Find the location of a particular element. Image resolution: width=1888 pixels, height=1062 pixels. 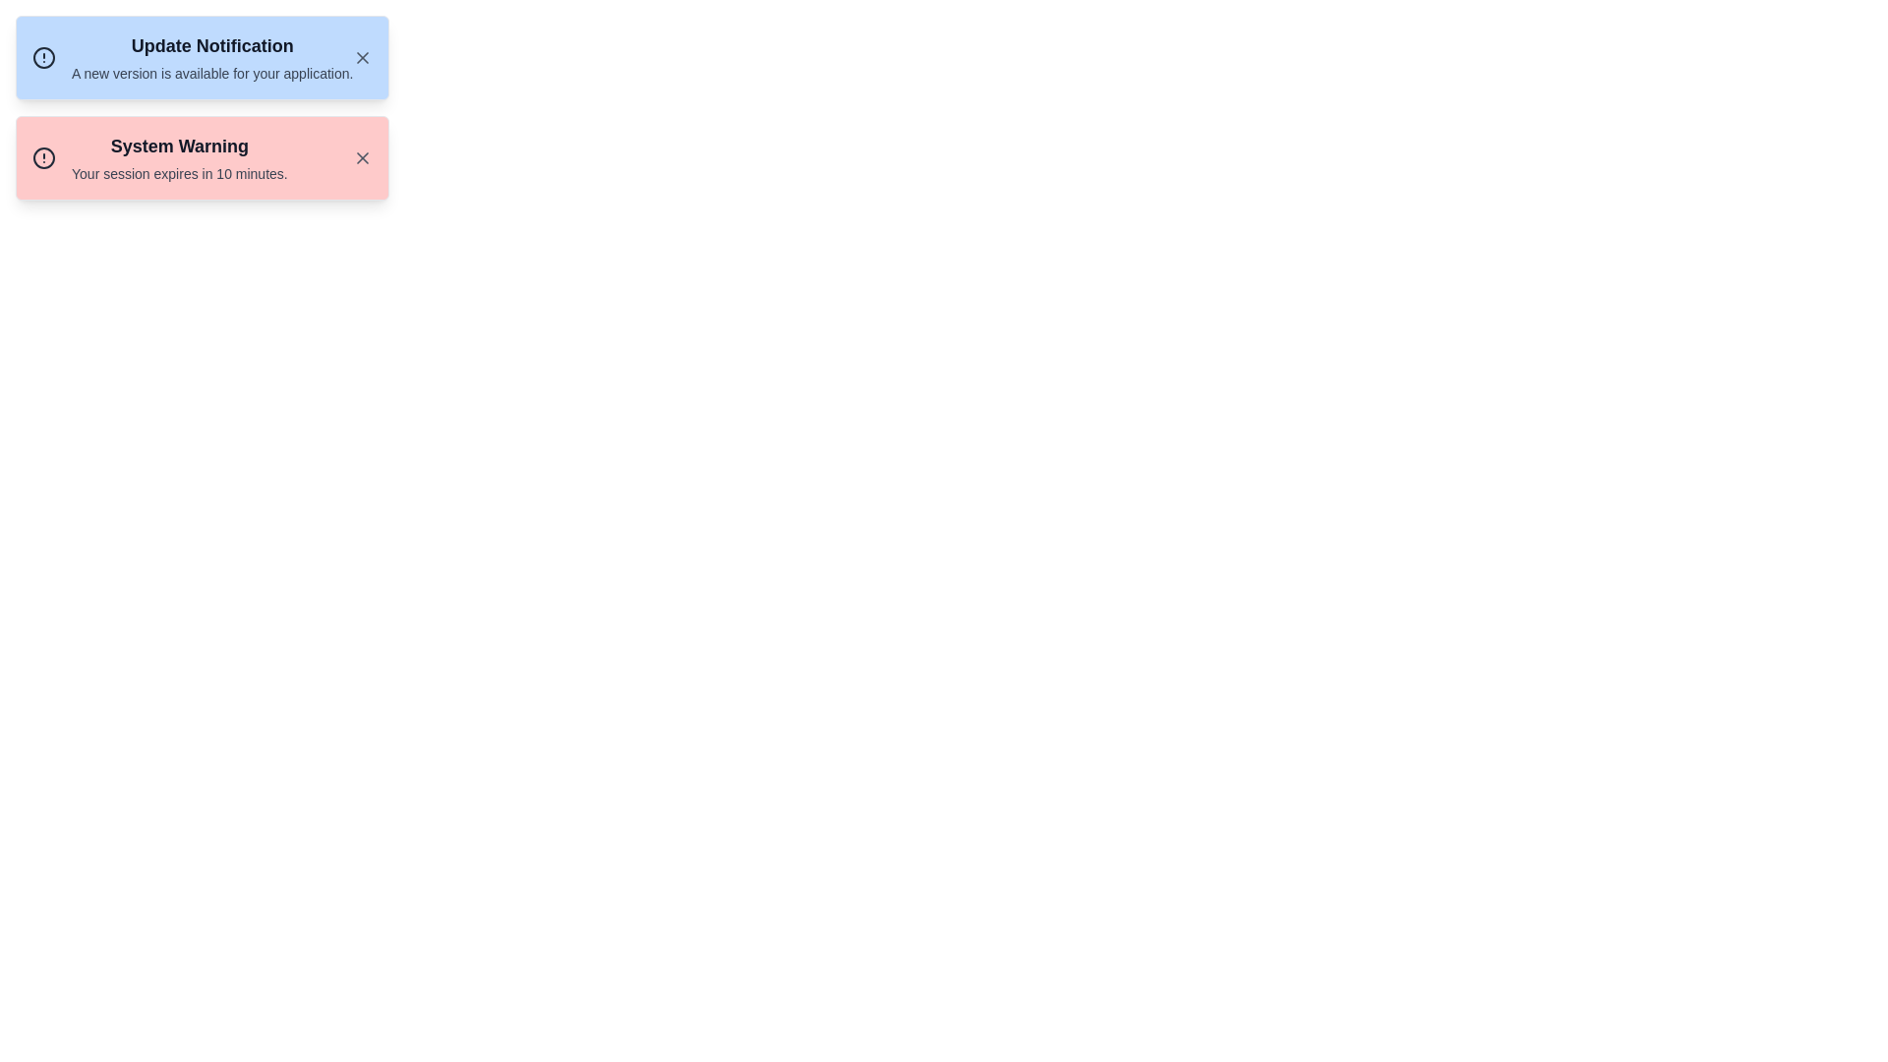

close button of the notification identified by Update Notification is located at coordinates (363, 56).